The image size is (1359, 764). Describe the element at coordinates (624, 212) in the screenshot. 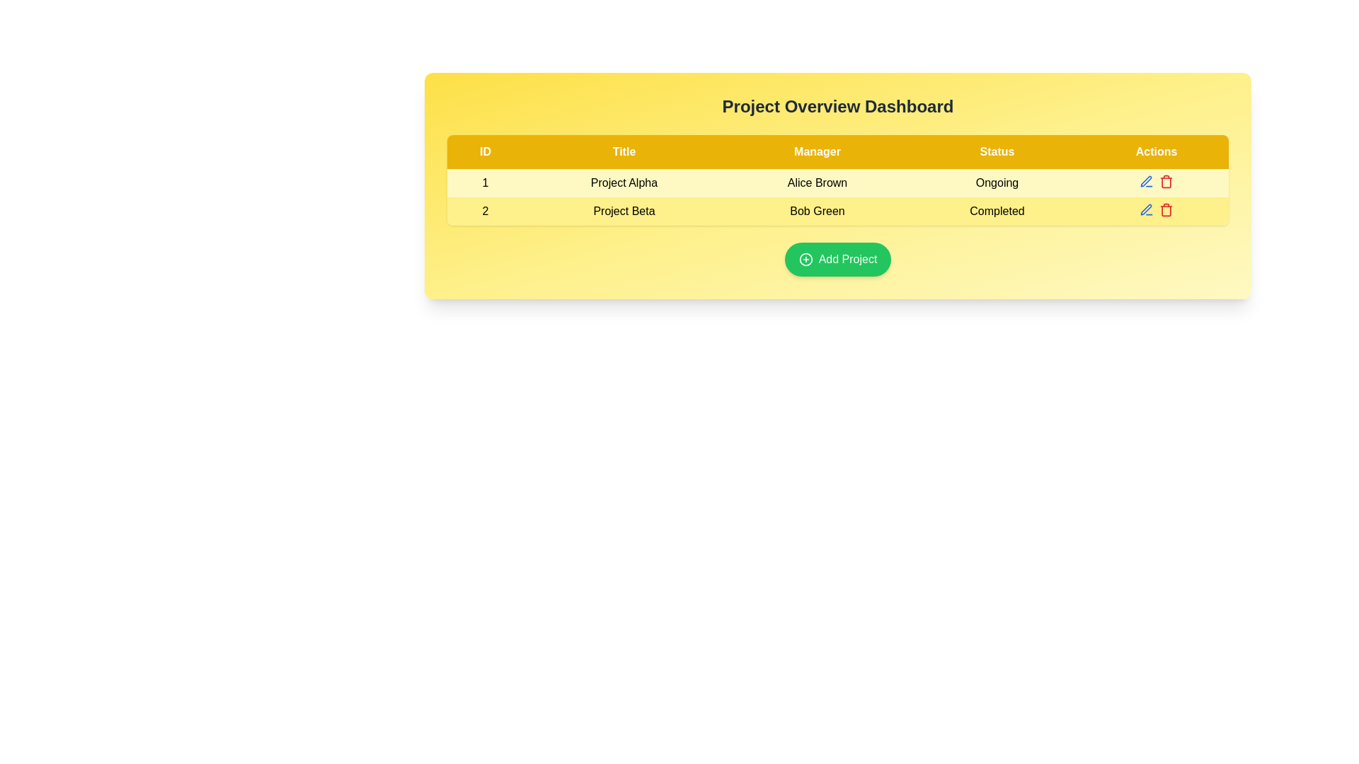

I see `text displayed in the TextLabel that shows 'Project Beta' in bold black text on a light yellow background, located in the second row of the table under the 'Title' column` at that location.